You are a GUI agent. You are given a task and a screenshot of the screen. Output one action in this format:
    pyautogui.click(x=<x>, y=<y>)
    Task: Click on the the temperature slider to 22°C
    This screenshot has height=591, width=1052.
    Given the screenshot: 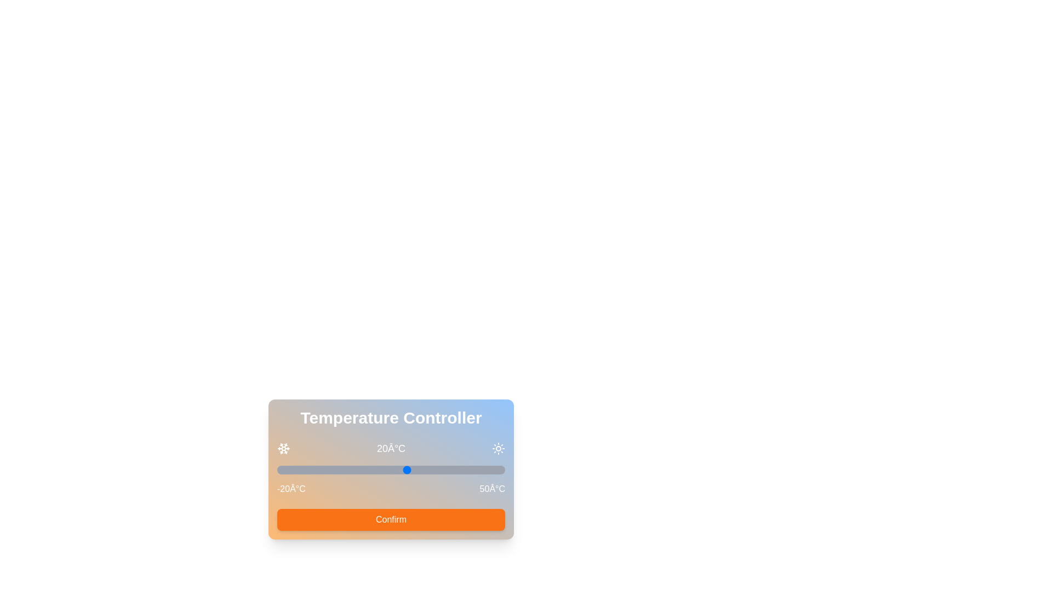 What is the action you would take?
    pyautogui.click(x=413, y=470)
    